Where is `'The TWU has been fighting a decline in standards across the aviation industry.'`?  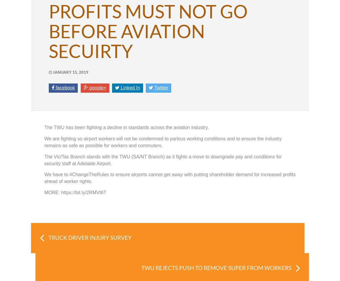 'The TWU has been fighting a decline in standards across the aviation industry.' is located at coordinates (44, 127).